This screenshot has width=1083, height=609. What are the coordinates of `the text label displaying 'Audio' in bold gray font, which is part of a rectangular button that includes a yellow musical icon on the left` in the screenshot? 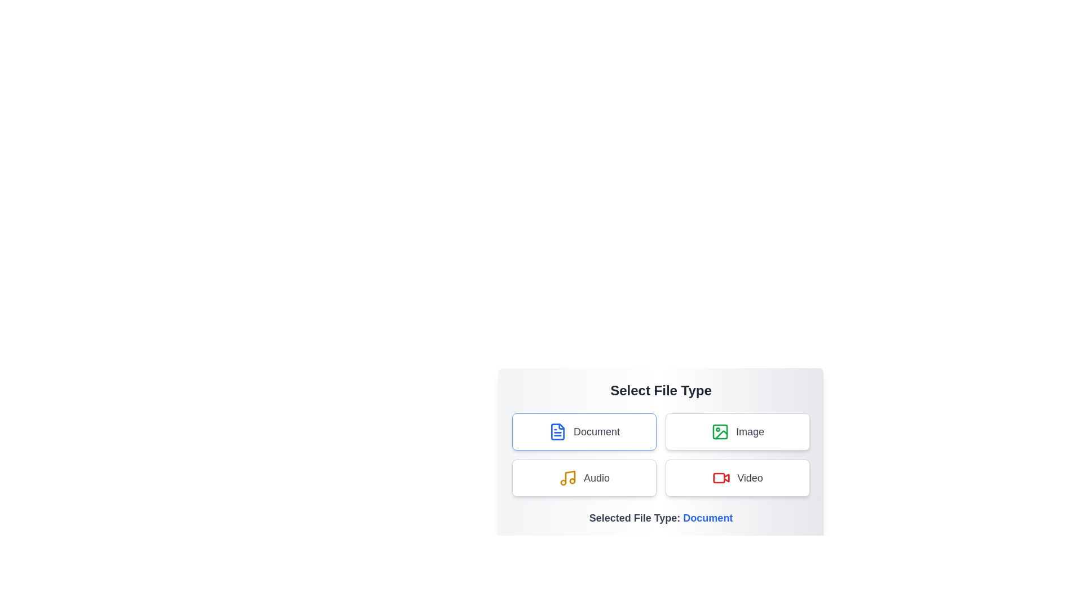 It's located at (596, 478).